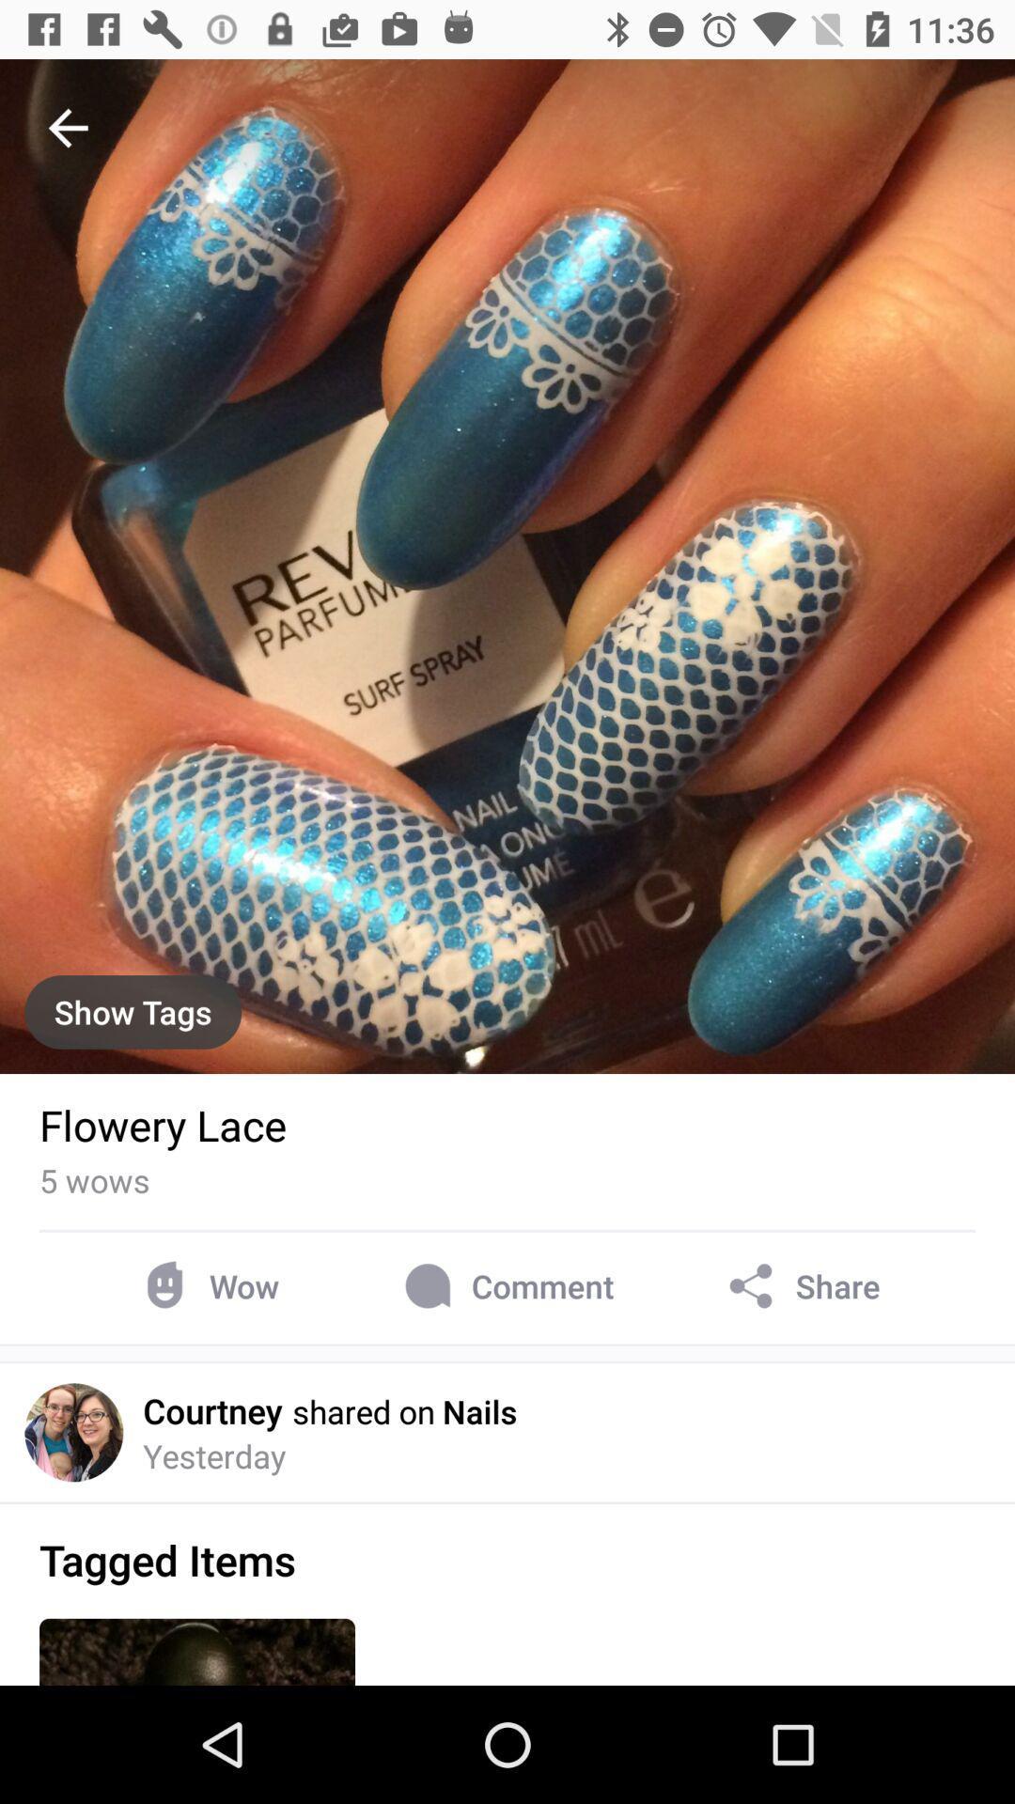 This screenshot has width=1015, height=1804. I want to click on comment item, so click(505, 1285).